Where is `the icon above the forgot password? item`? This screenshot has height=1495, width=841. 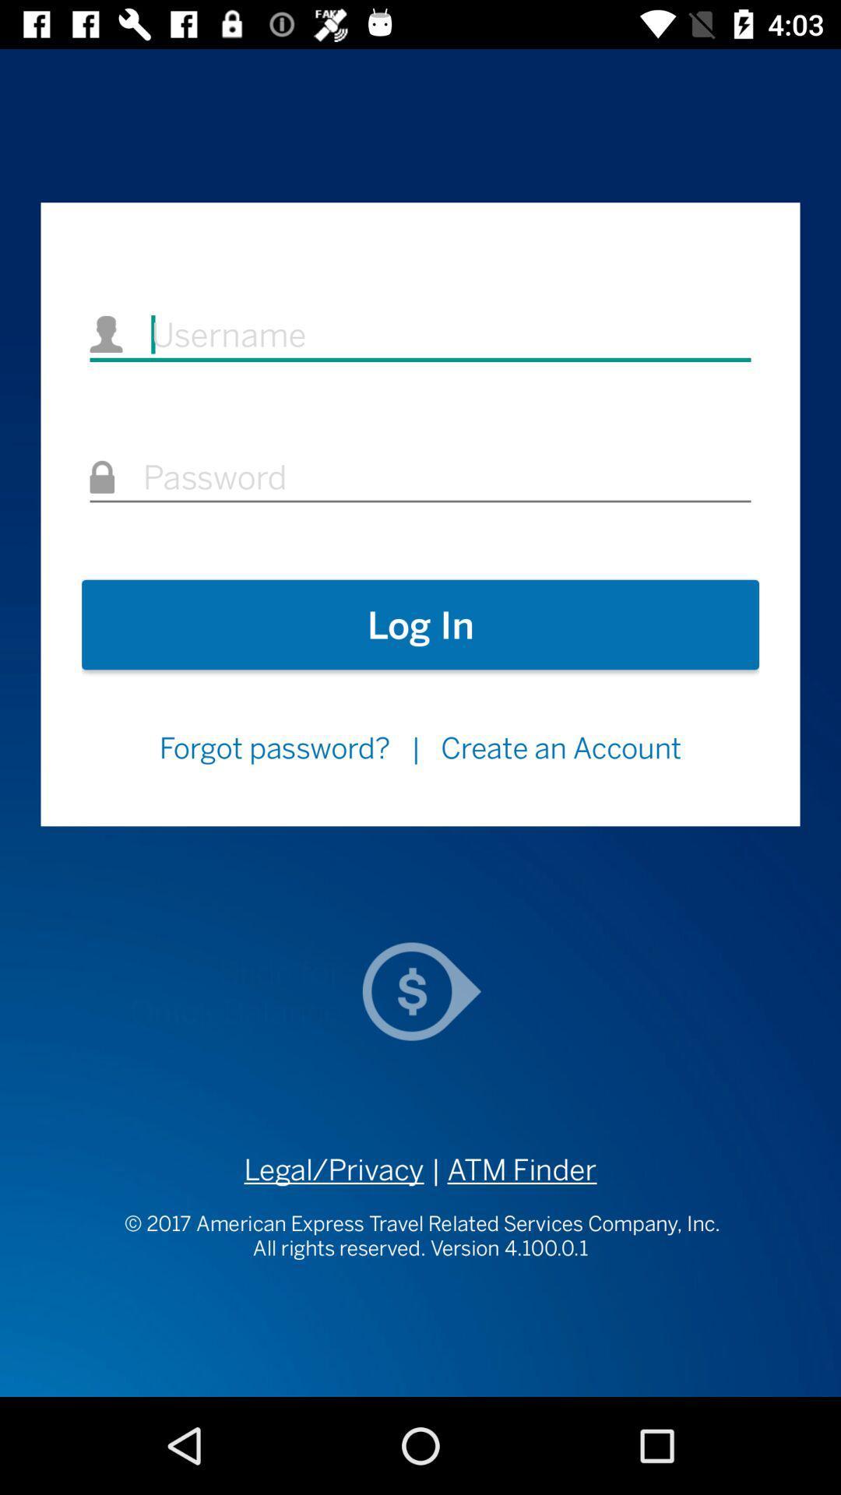 the icon above the forgot password? item is located at coordinates (420, 624).